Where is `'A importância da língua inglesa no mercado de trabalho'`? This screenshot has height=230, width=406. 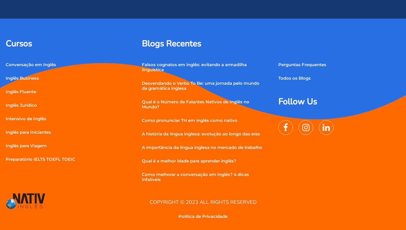
'A importância da língua inglesa no mercado de trabalho' is located at coordinates (202, 147).